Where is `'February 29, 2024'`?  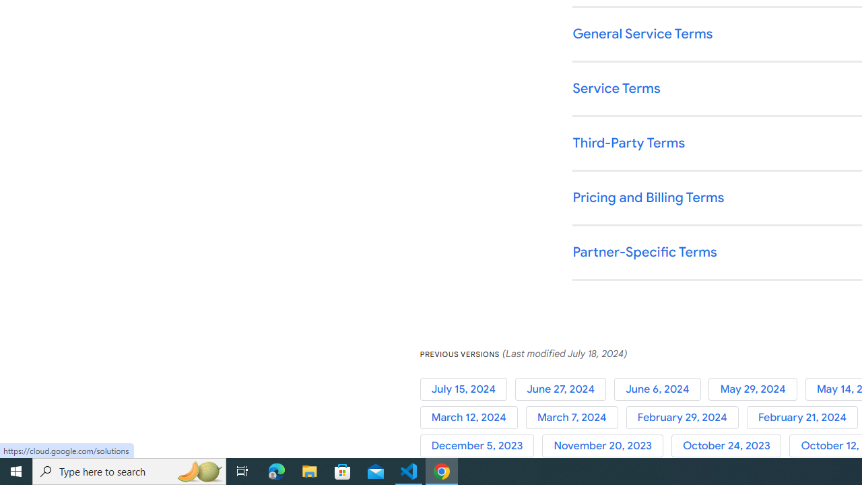 'February 29, 2024' is located at coordinates (686, 417).